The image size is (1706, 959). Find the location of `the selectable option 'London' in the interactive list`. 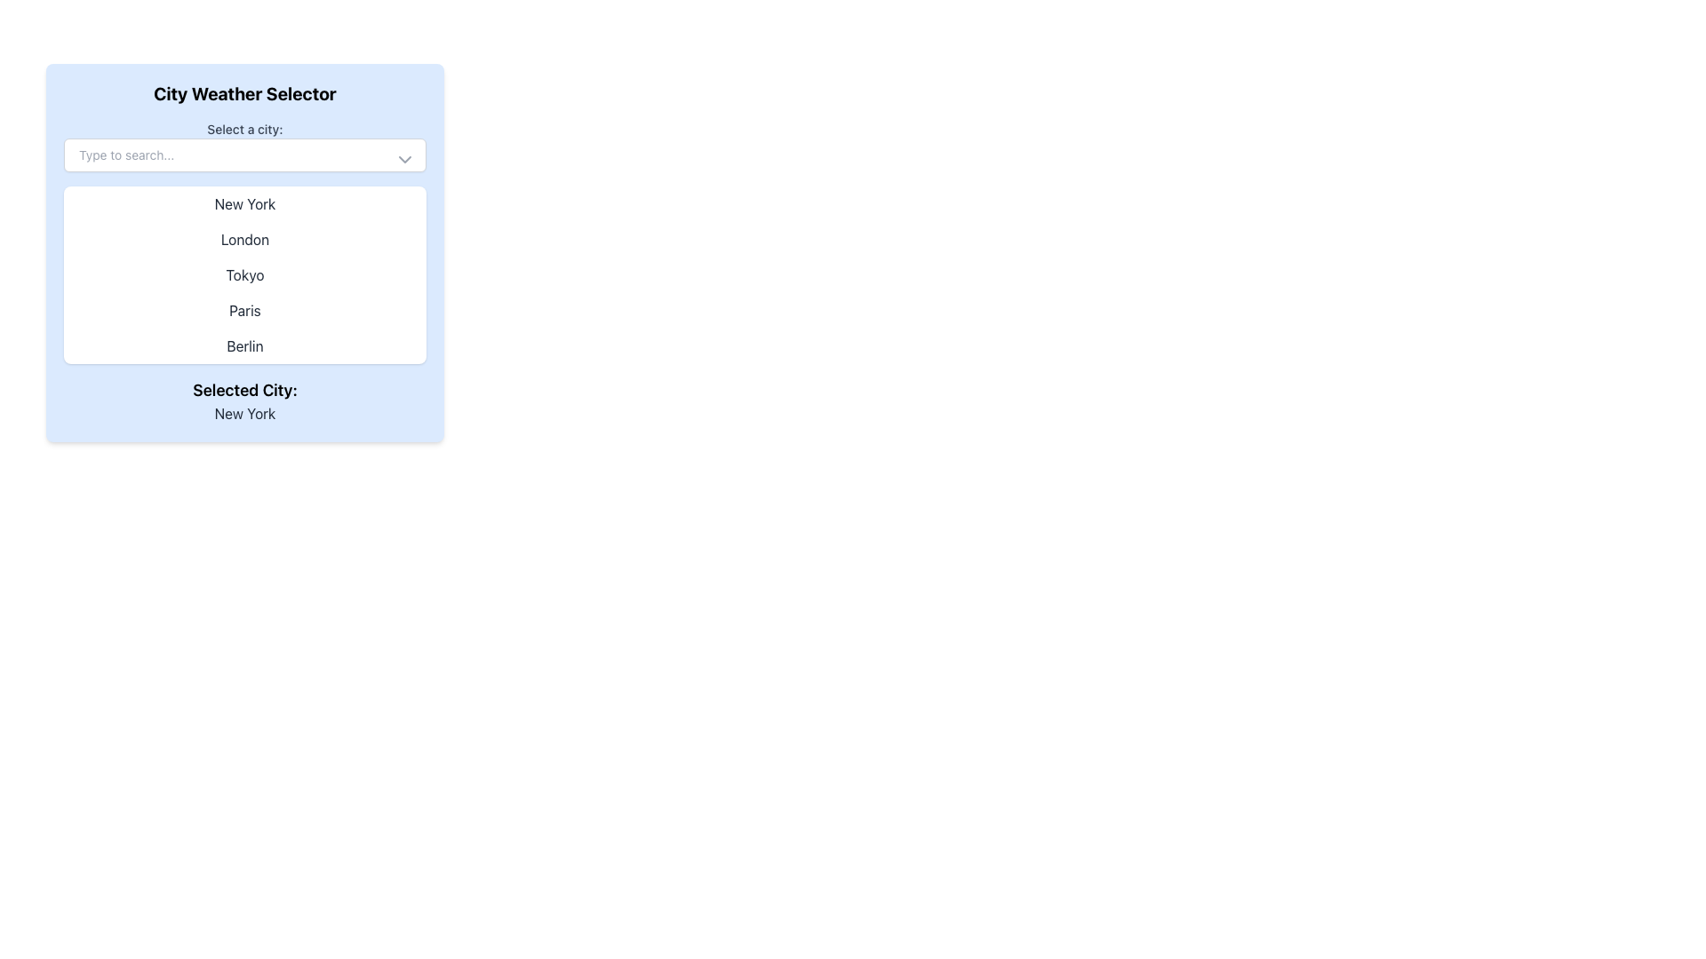

the selectable option 'London' in the interactive list is located at coordinates (243, 240).